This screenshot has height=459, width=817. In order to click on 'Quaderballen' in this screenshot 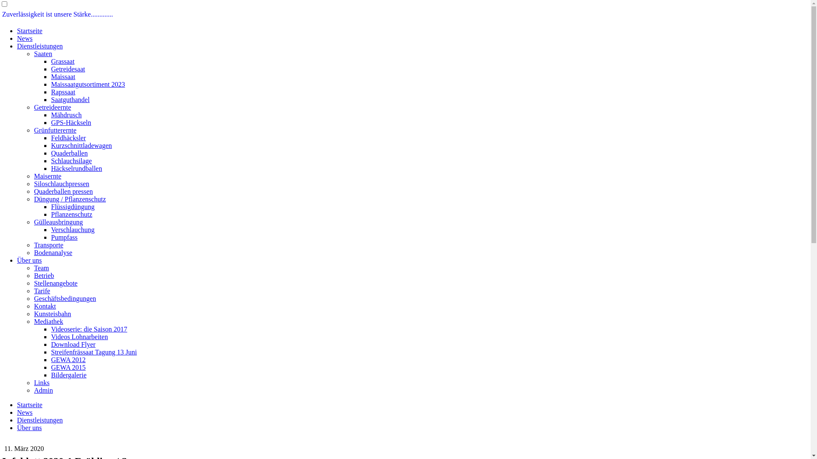, I will do `click(51, 153)`.